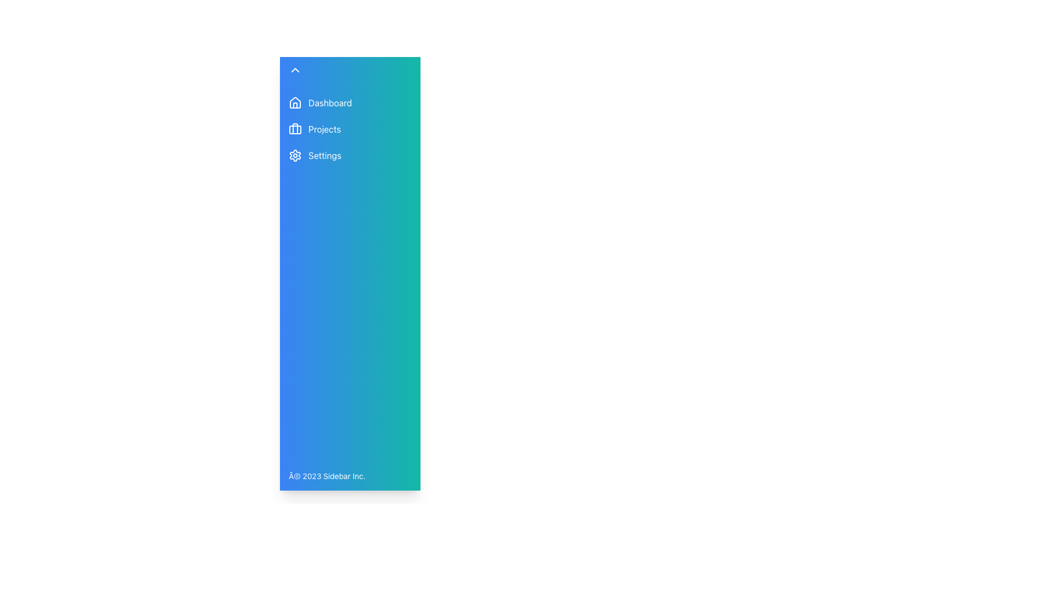  Describe the element at coordinates (295, 103) in the screenshot. I see `the house icon with a blue outline and white fill located next to the 'Dashboard' text in the topmost entry of the side menu` at that location.